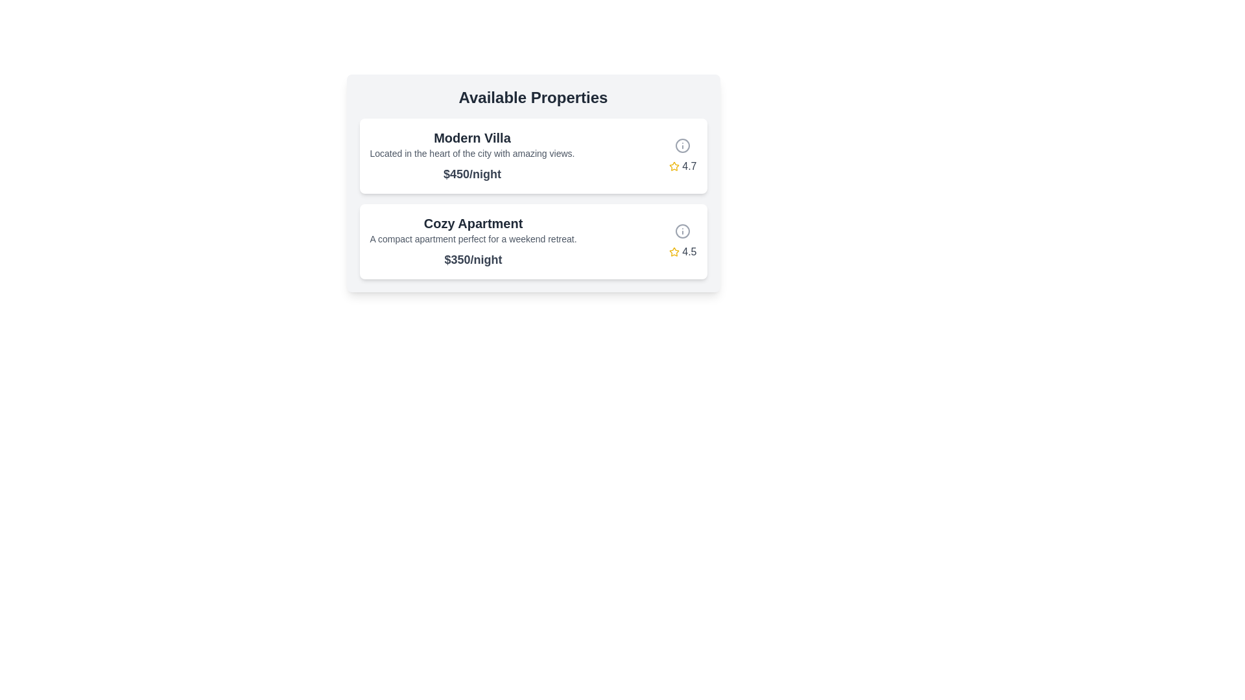 The width and height of the screenshot is (1245, 700). Describe the element at coordinates (682, 166) in the screenshot. I see `the yellow star icon in the Rating display` at that location.